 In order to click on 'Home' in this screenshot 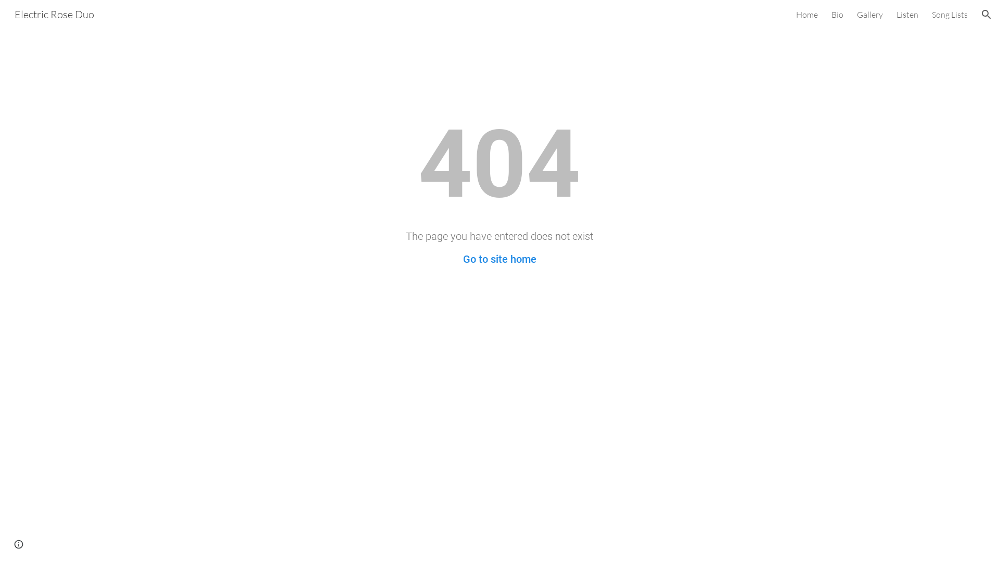, I will do `click(796, 14)`.